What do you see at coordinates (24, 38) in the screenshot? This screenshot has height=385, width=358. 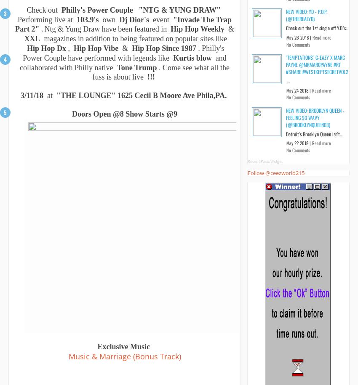 I see `'XXL'` at bounding box center [24, 38].